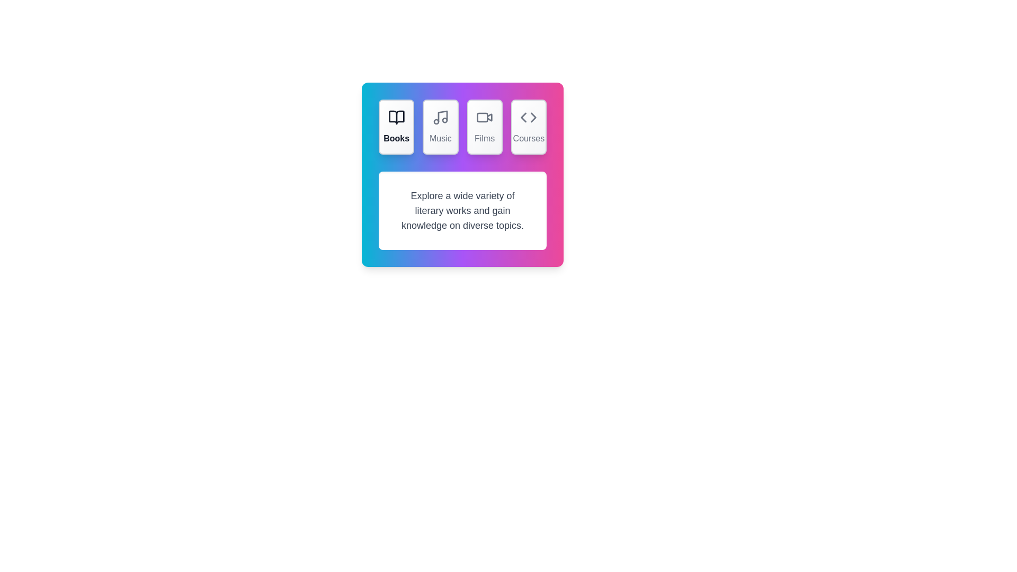  What do you see at coordinates (440, 126) in the screenshot?
I see `the Music tab` at bounding box center [440, 126].